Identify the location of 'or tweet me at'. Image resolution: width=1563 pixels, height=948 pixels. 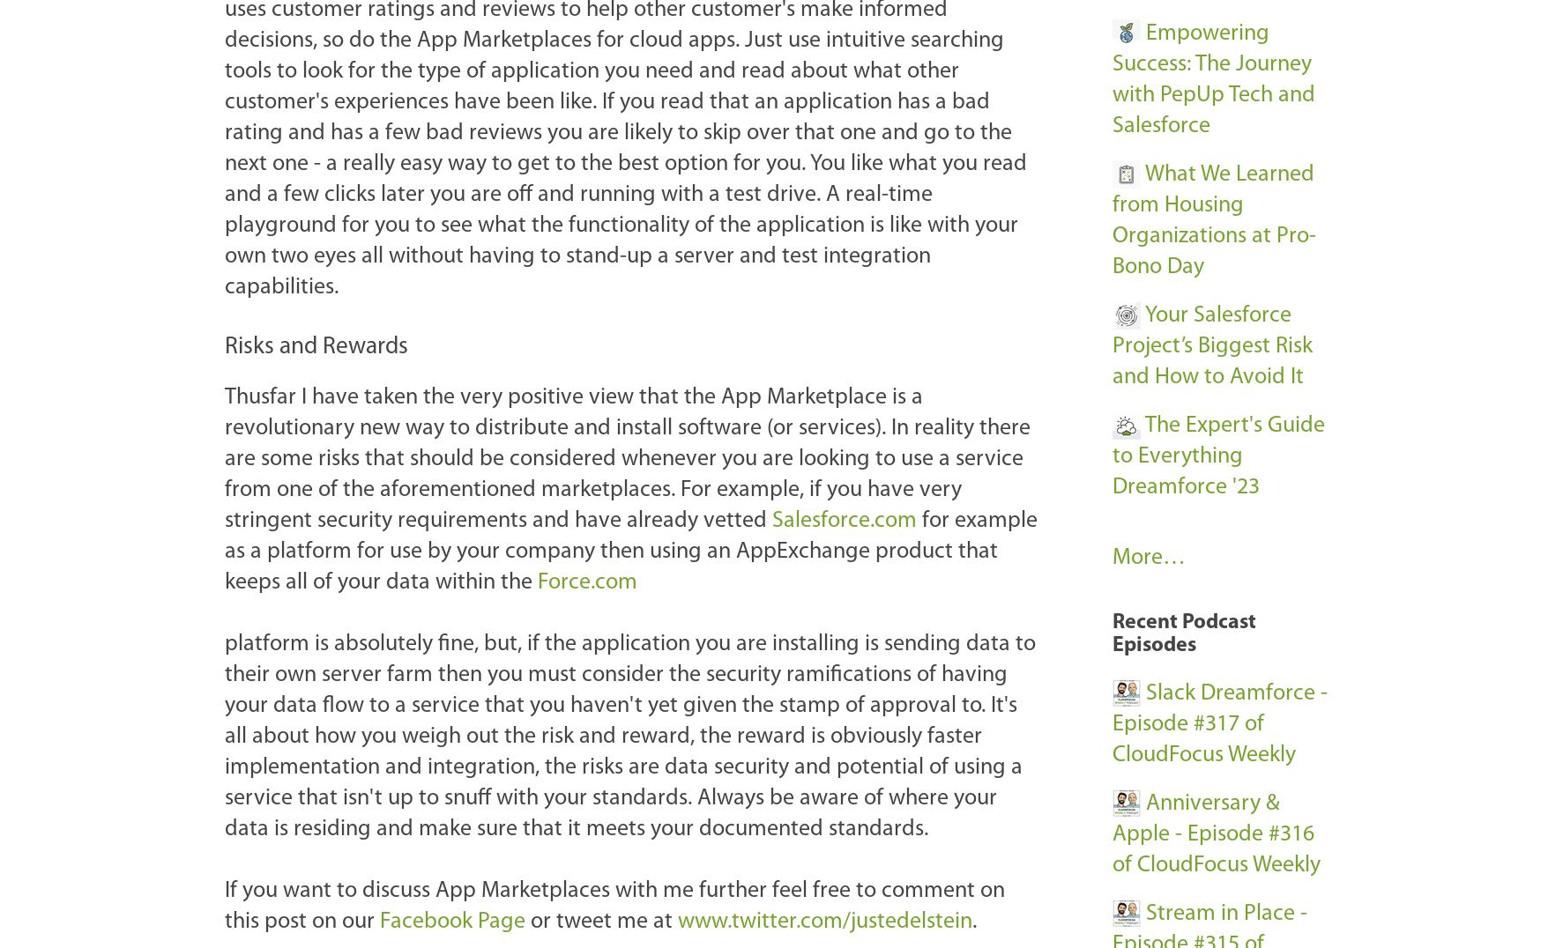
(600, 921).